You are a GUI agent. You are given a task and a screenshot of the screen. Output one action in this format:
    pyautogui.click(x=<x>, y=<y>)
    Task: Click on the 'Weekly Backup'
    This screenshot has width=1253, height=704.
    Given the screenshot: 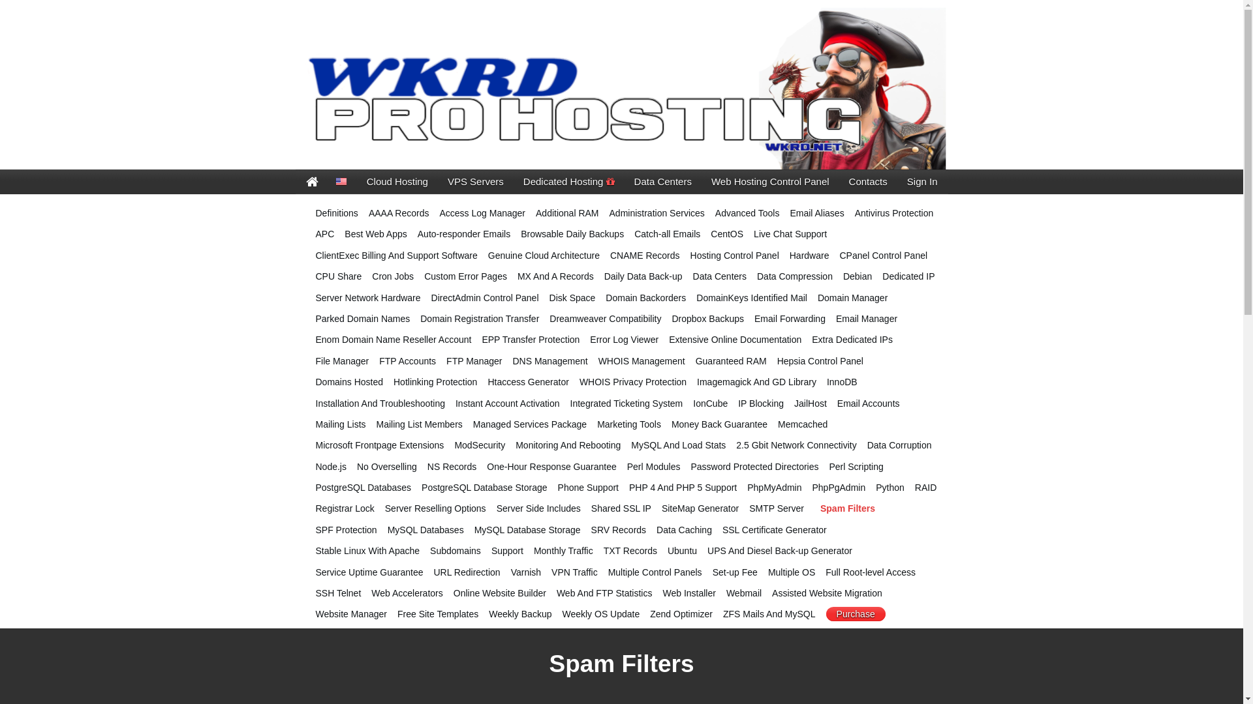 What is the action you would take?
    pyautogui.click(x=519, y=613)
    